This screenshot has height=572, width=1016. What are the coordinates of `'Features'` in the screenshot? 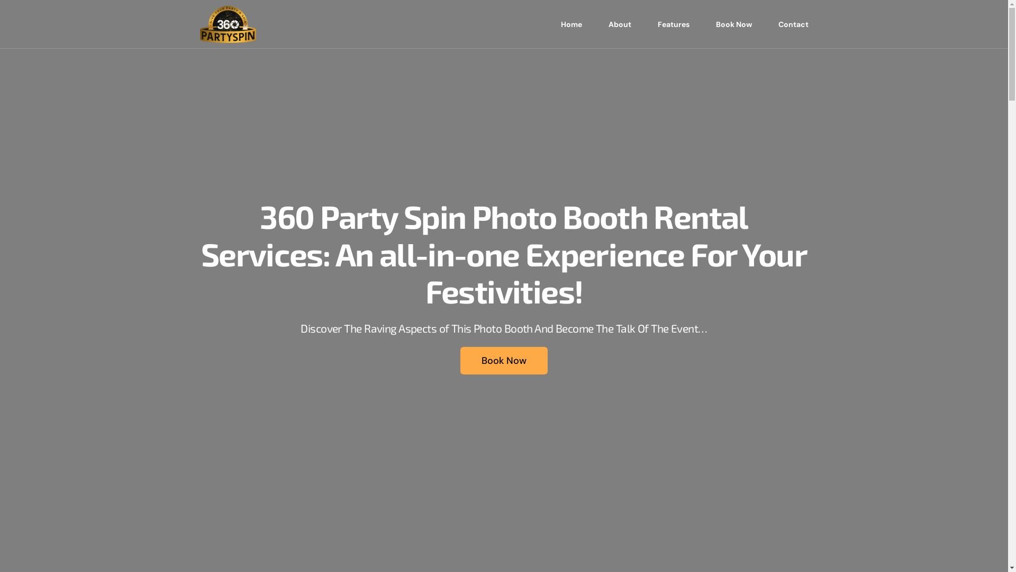 It's located at (673, 24).